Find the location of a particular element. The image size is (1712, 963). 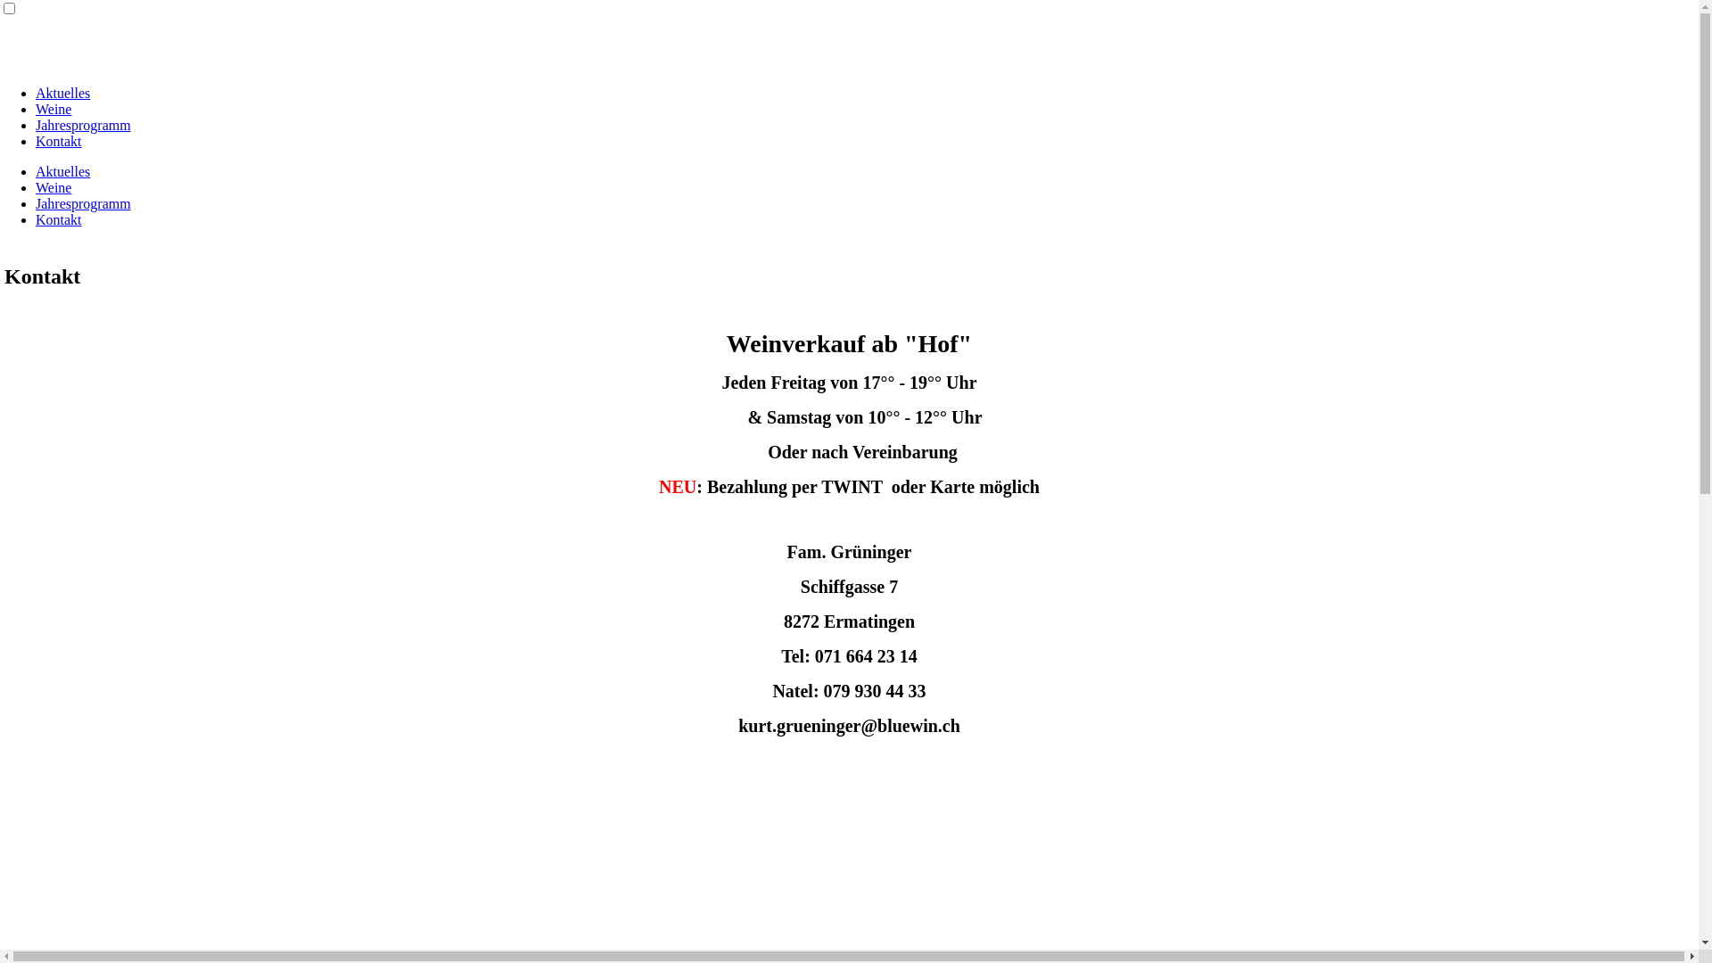

'Weine' is located at coordinates (53, 187).